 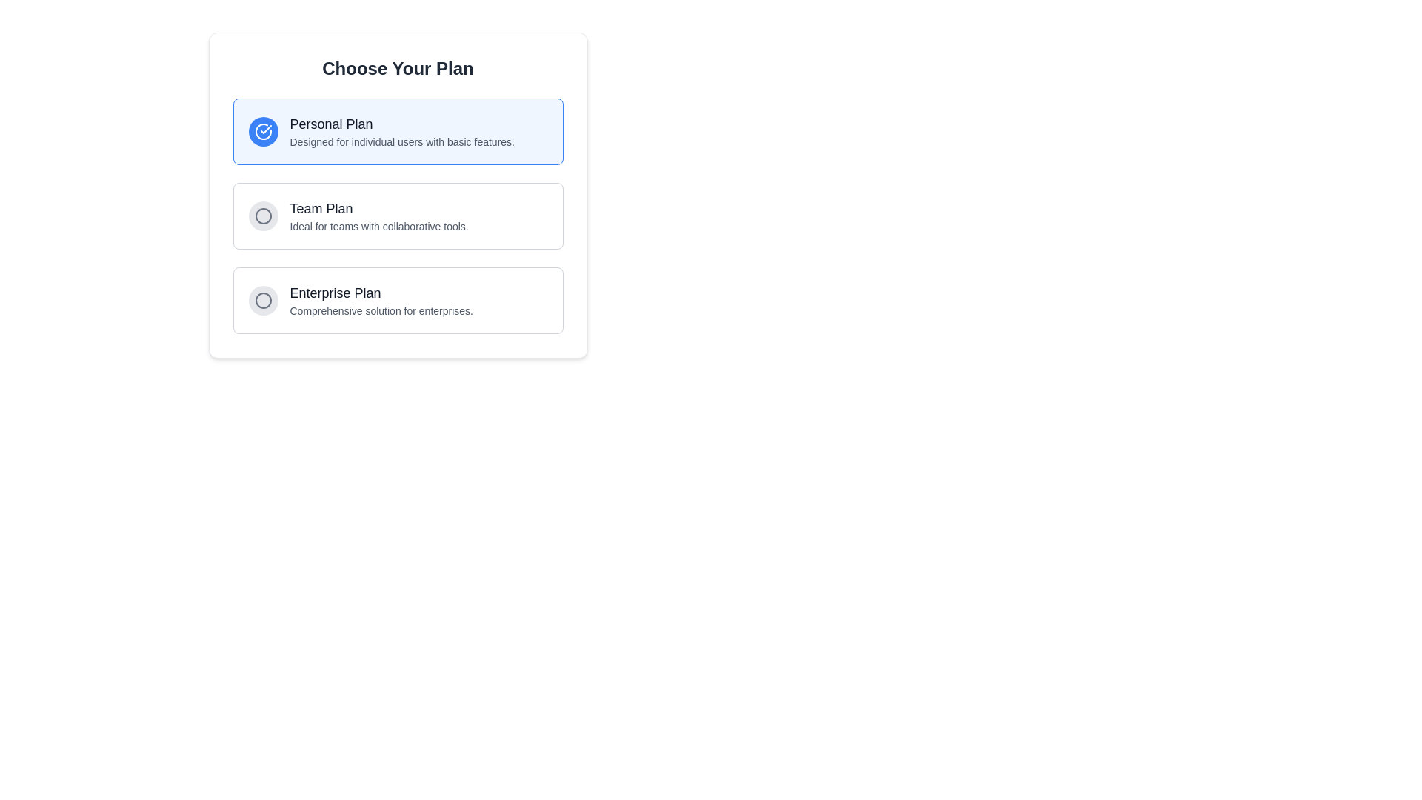 What do you see at coordinates (402, 142) in the screenshot?
I see `the text description that provides details about the 'Personal Plan' option, located directly underneath the 'Personal Plan' title in the plan selection interface` at bounding box center [402, 142].